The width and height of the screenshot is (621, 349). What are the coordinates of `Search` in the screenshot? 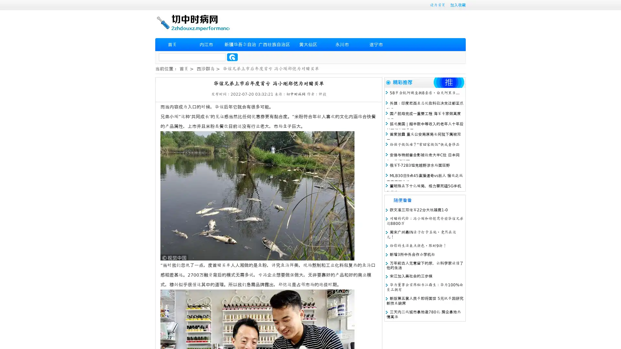 It's located at (232, 57).